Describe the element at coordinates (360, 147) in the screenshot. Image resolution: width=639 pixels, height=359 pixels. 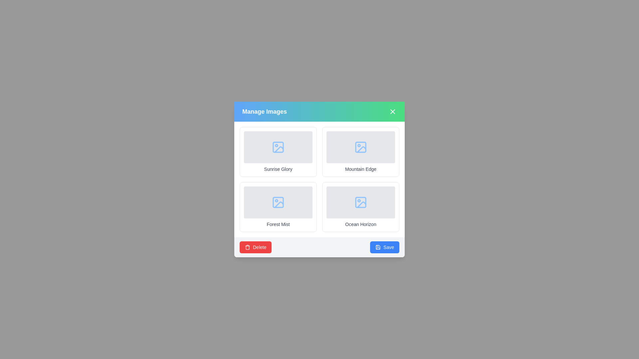
I see `the image placeholder icon located at the center of the 'Mountain Edge' section in the 'Manage Images' dialog box` at that location.